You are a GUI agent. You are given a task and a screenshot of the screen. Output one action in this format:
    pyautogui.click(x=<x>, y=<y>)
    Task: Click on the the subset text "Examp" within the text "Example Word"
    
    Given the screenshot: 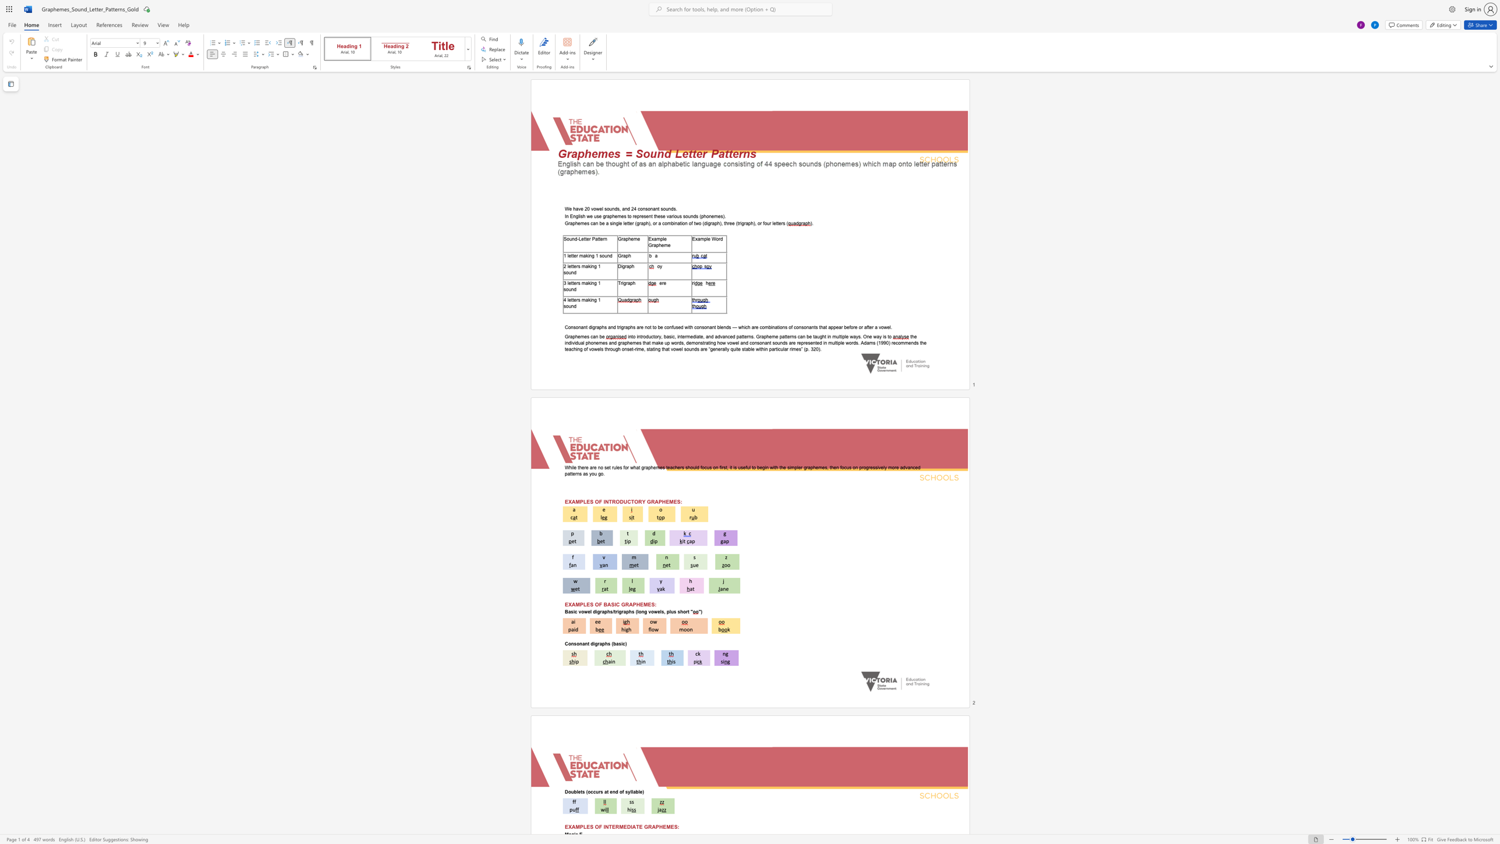 What is the action you would take?
    pyautogui.click(x=692, y=238)
    